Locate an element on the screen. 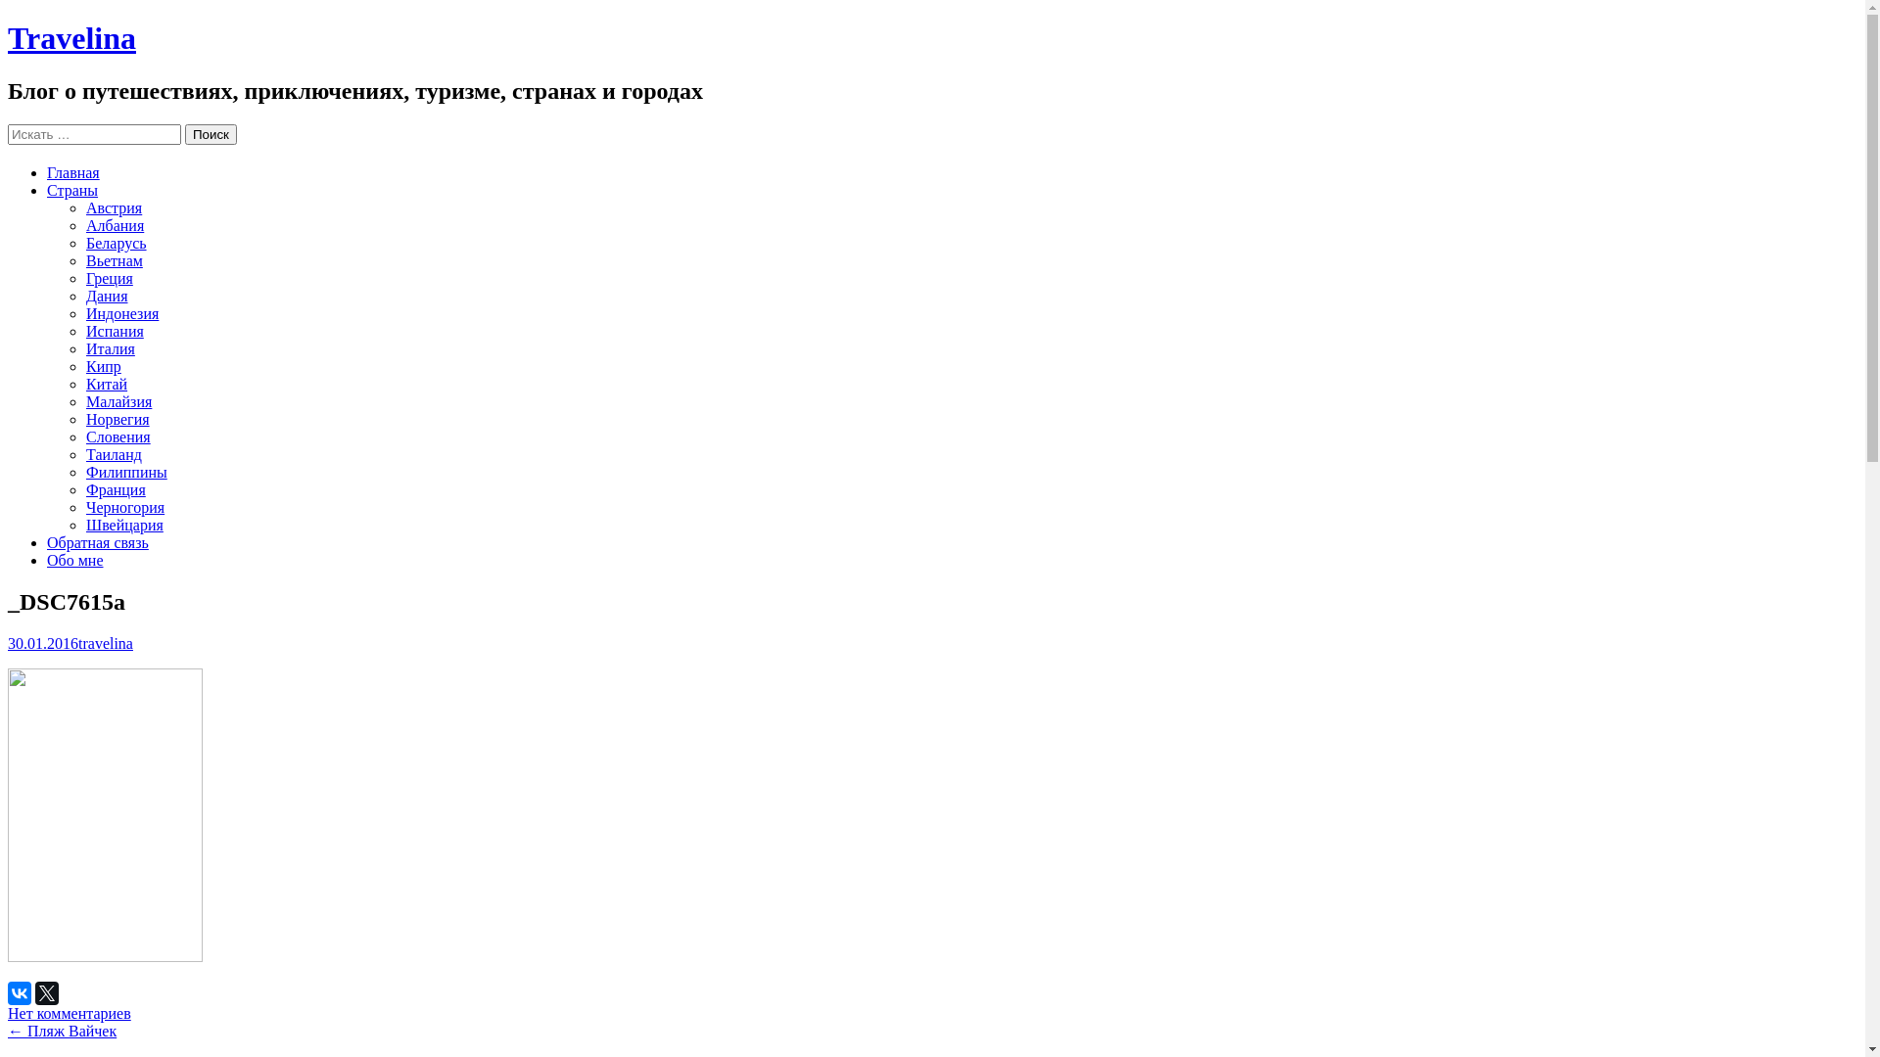 This screenshot has width=1880, height=1057. 'Twitter' is located at coordinates (47, 992).